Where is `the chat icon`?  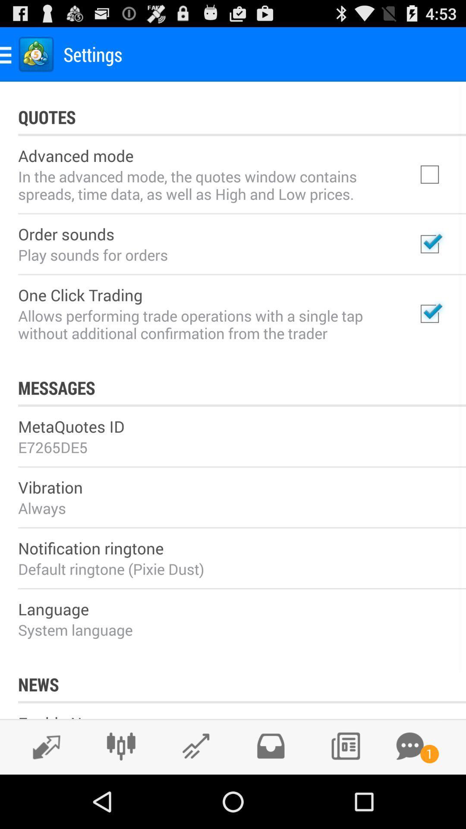
the chat icon is located at coordinates (409, 798).